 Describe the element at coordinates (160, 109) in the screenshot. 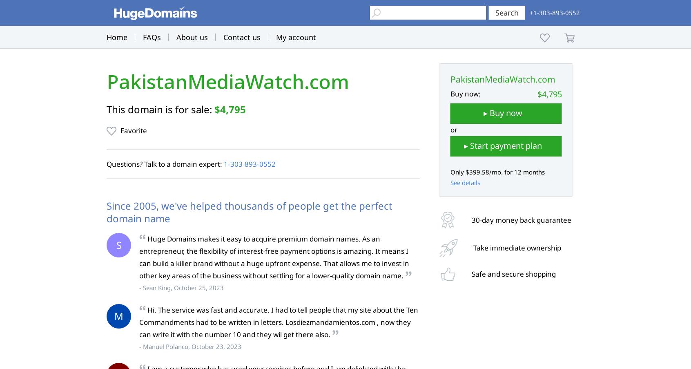

I see `'This domain is for sale:'` at that location.